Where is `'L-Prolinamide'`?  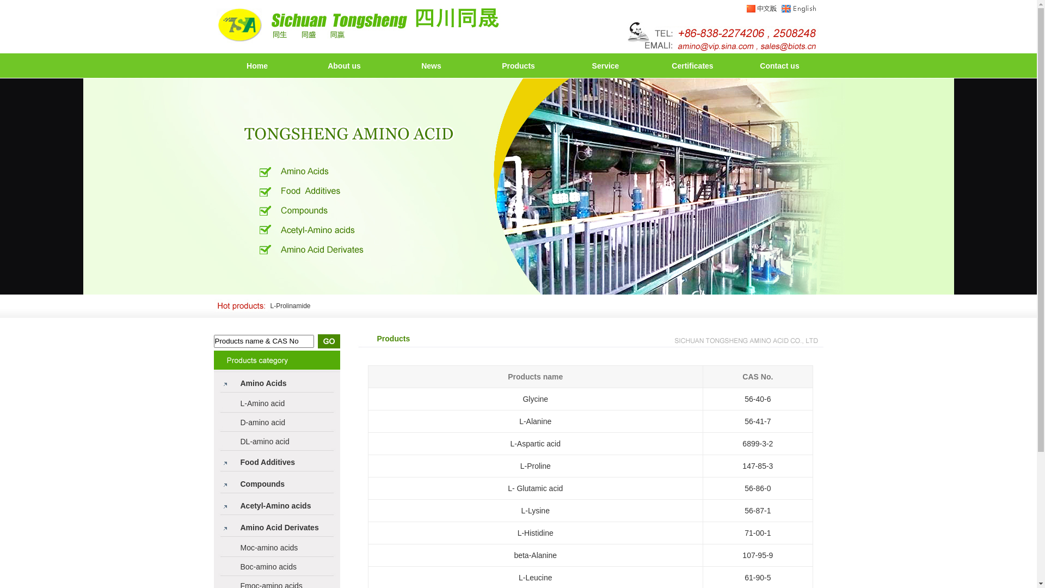
'L-Prolinamide' is located at coordinates (290, 306).